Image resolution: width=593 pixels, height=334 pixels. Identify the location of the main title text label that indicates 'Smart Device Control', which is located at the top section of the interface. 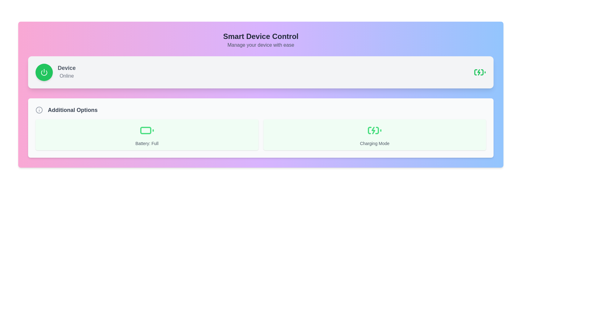
(261, 36).